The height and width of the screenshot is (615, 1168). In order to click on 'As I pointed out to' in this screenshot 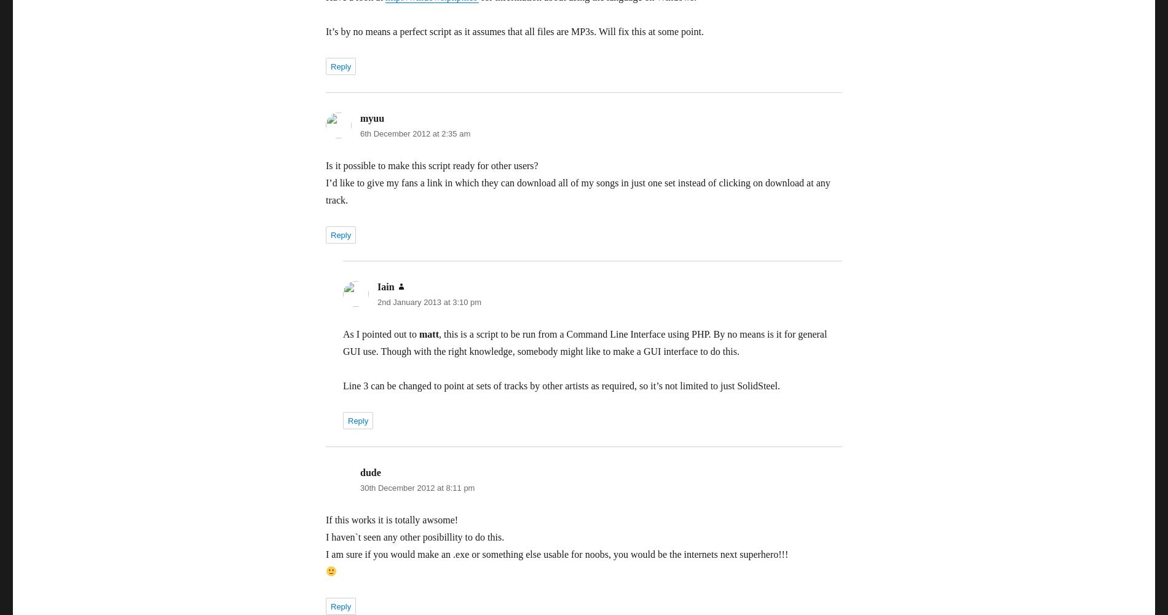, I will do `click(343, 334)`.